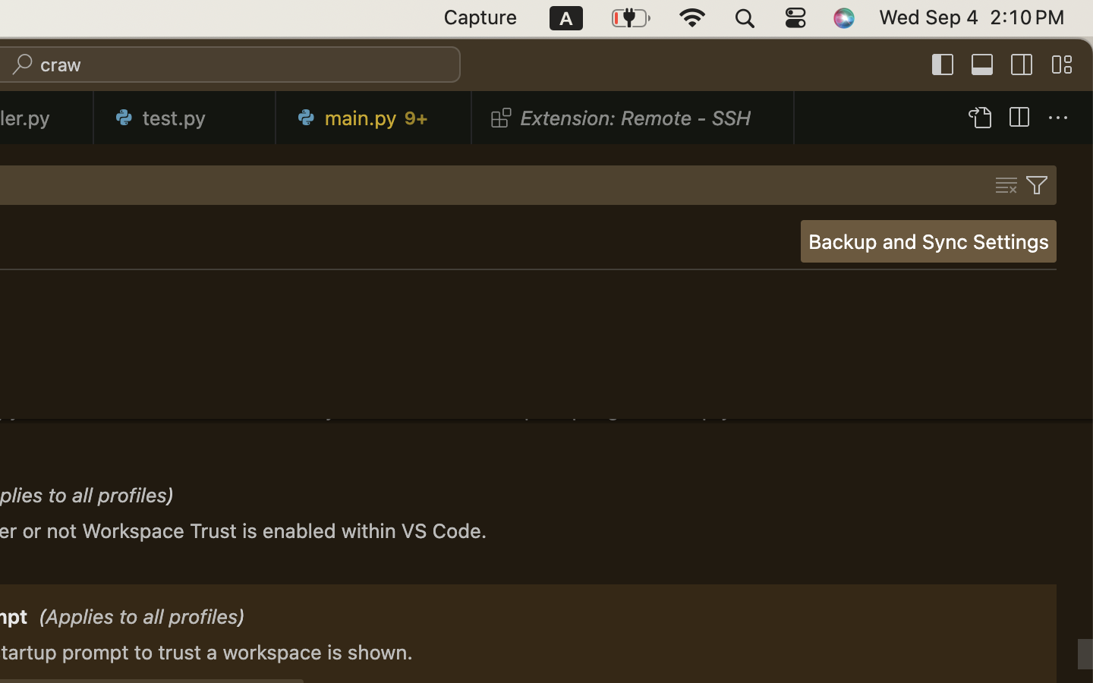 The image size is (1093, 683). I want to click on '', so click(1058, 118).